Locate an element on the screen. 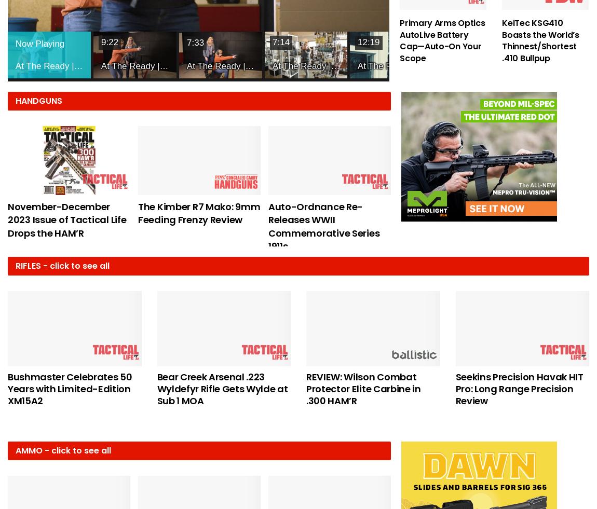 The height and width of the screenshot is (509, 597). 'The SIG Sauer P365 is Now California Compliant' is located at coordinates (458, 213).